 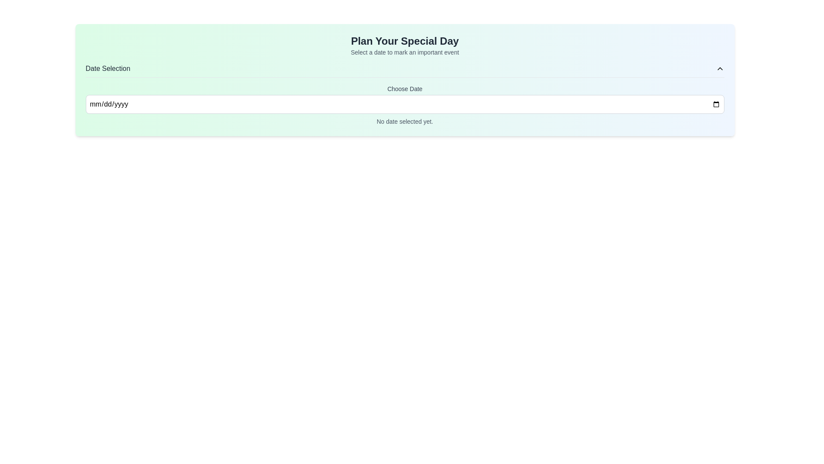 What do you see at coordinates (404, 89) in the screenshot?
I see `text label 'Choose Date' which is positioned above the date input field, serving as its descriptor` at bounding box center [404, 89].